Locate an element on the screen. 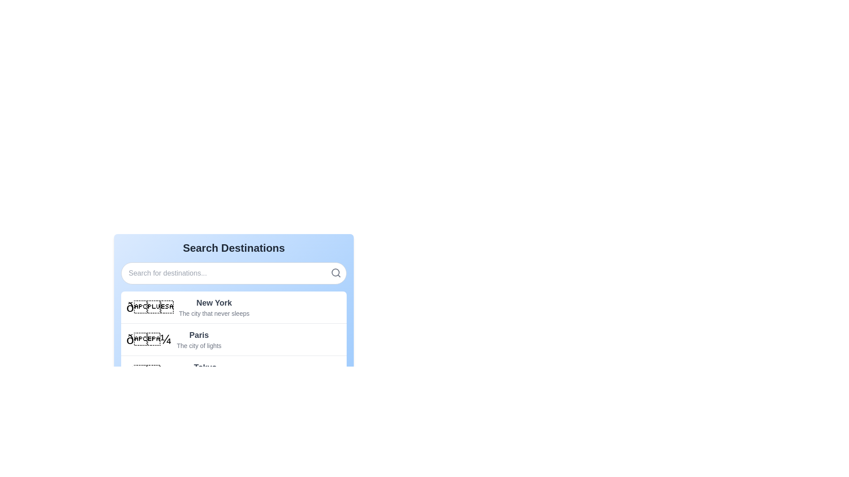 The height and width of the screenshot is (477, 849). the text label reading 'New York', which is styled with a bold font and dark gray color, positioned at the top-left of a vertically stacked list of options is located at coordinates (214, 303).